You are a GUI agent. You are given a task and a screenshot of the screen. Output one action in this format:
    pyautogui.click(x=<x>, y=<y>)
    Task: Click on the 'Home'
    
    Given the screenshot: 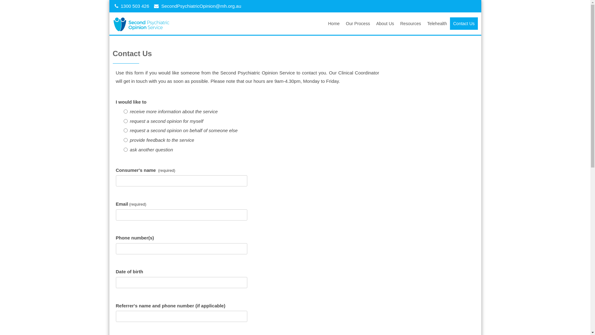 What is the action you would take?
    pyautogui.click(x=333, y=23)
    